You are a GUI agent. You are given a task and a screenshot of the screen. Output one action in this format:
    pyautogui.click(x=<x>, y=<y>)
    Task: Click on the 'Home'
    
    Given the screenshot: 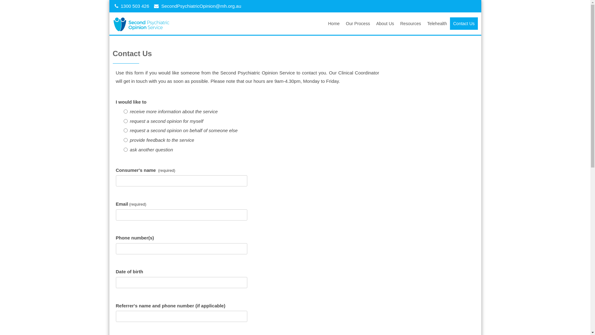 What is the action you would take?
    pyautogui.click(x=333, y=23)
    